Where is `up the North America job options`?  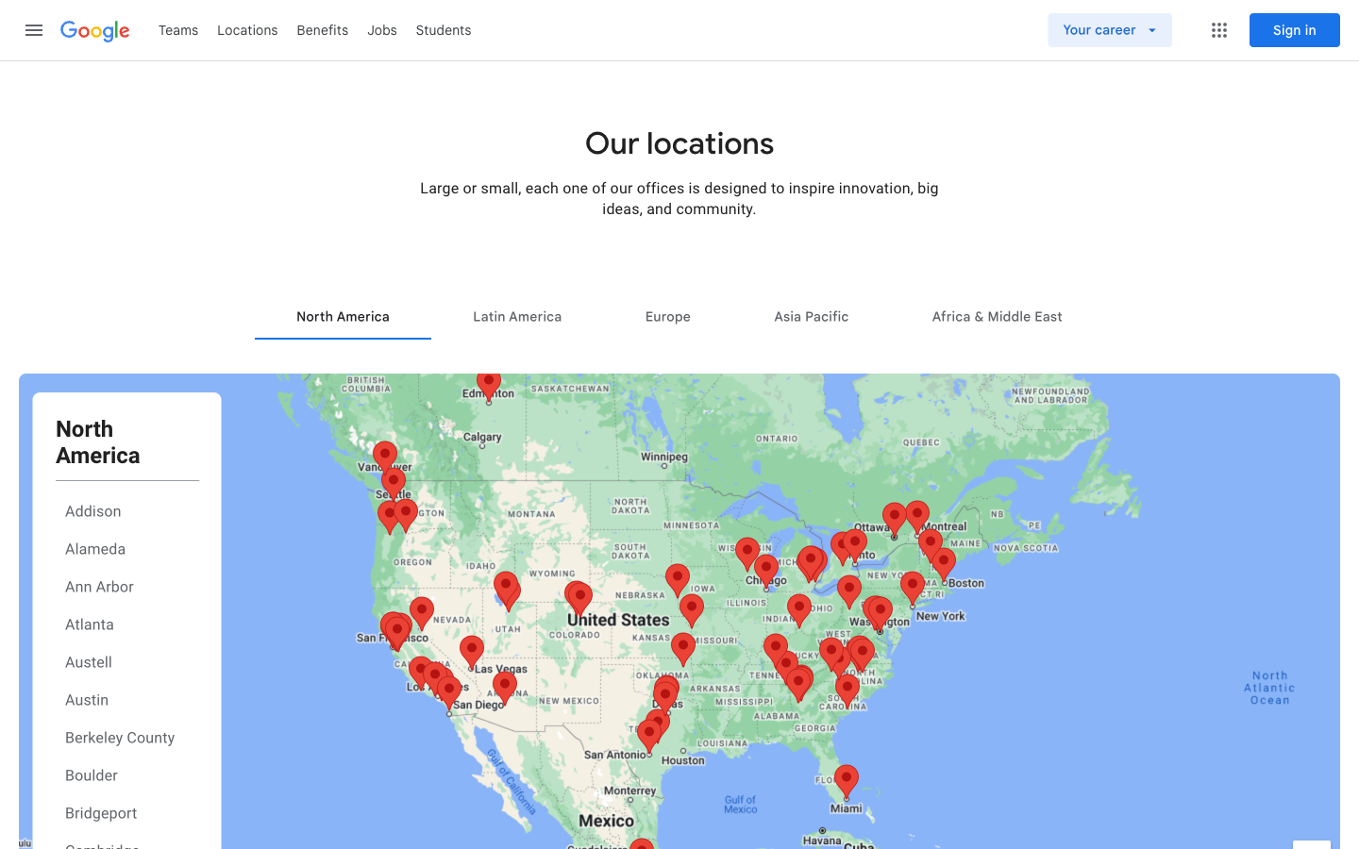 up the North America job options is located at coordinates (342, 315).